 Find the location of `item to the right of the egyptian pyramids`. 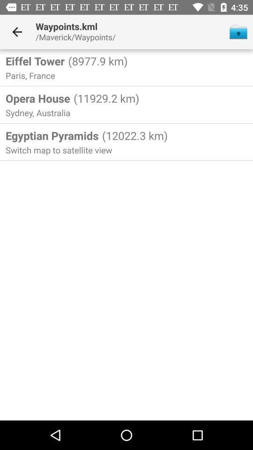

item to the right of the egyptian pyramids is located at coordinates (133, 135).